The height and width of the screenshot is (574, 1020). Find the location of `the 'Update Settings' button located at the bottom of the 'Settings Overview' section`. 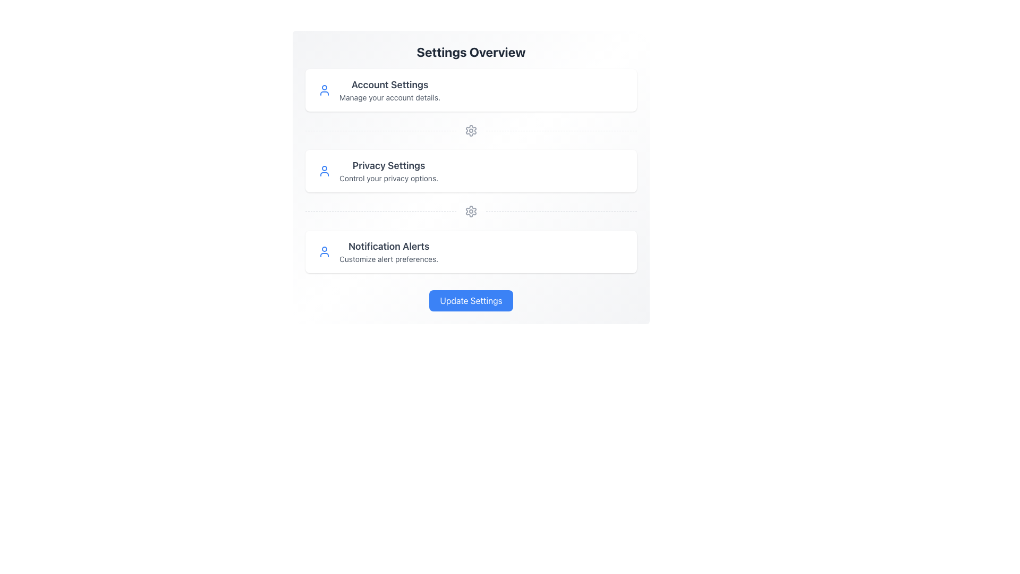

the 'Update Settings' button located at the bottom of the 'Settings Overview' section is located at coordinates (471, 301).